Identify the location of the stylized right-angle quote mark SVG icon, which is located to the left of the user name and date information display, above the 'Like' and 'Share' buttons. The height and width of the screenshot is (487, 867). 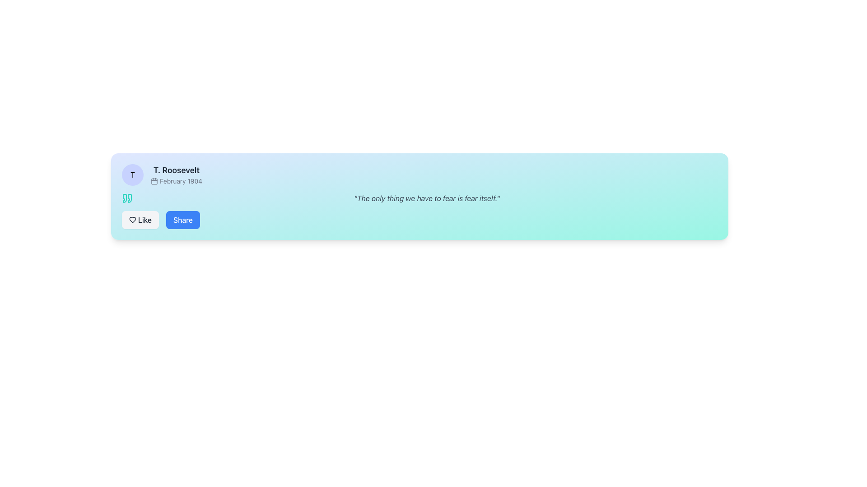
(129, 198).